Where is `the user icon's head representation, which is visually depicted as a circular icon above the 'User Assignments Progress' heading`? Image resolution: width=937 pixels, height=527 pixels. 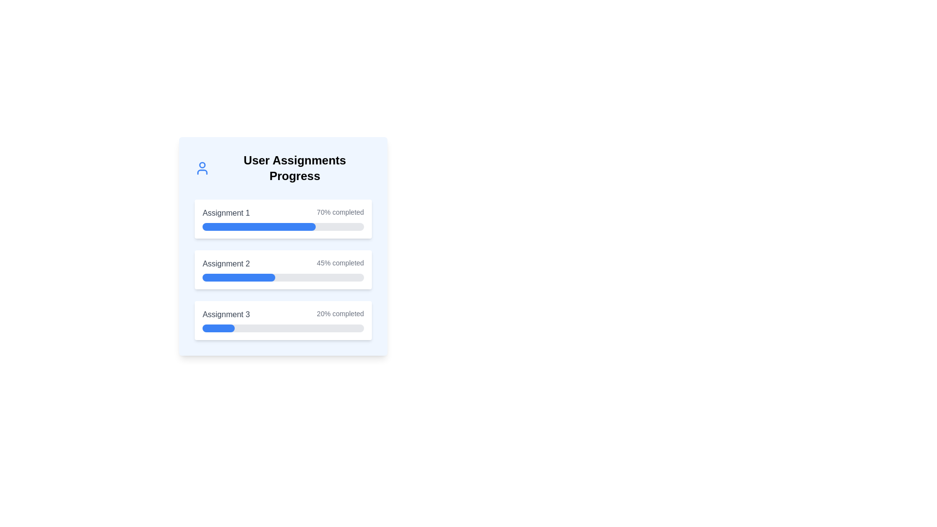 the user icon's head representation, which is visually depicted as a circular icon above the 'User Assignments Progress' heading is located at coordinates (202, 164).